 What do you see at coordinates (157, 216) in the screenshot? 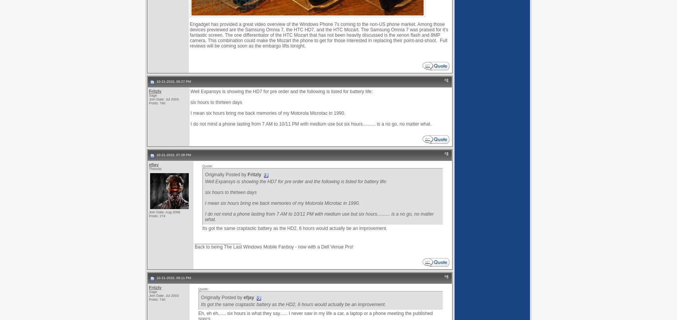
I see `'Posts: 274'` at bounding box center [157, 216].